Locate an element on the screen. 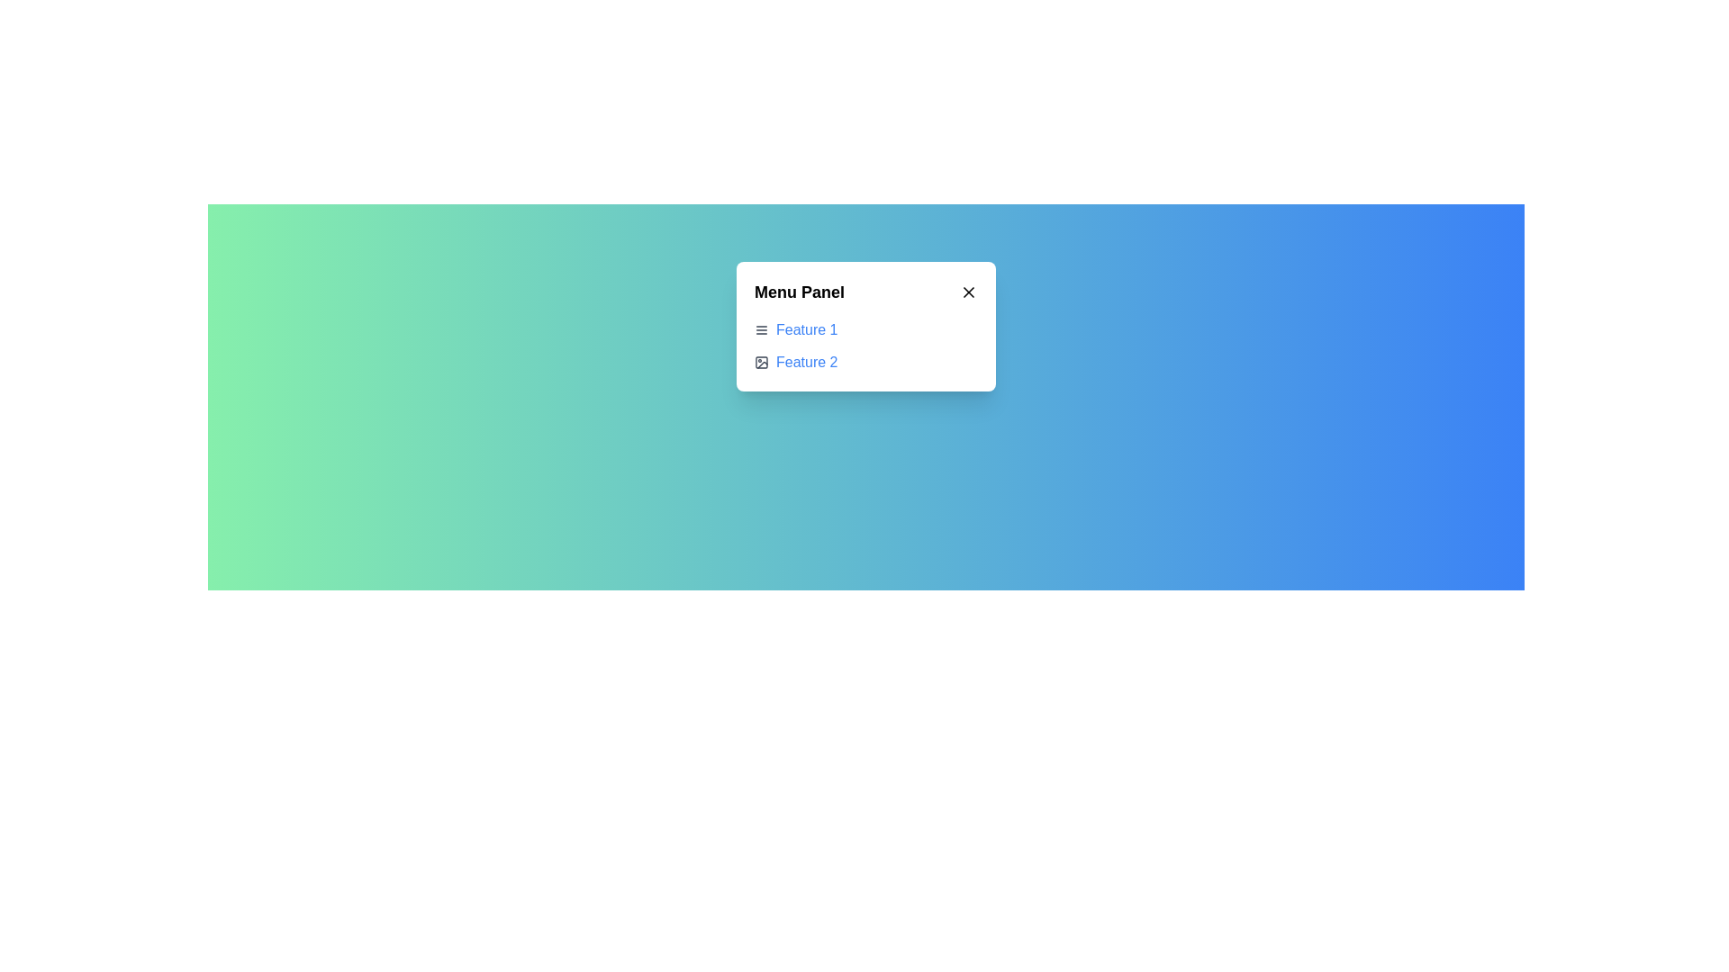  the icon associated with the 'Feature 1' menu option is located at coordinates (761, 329).